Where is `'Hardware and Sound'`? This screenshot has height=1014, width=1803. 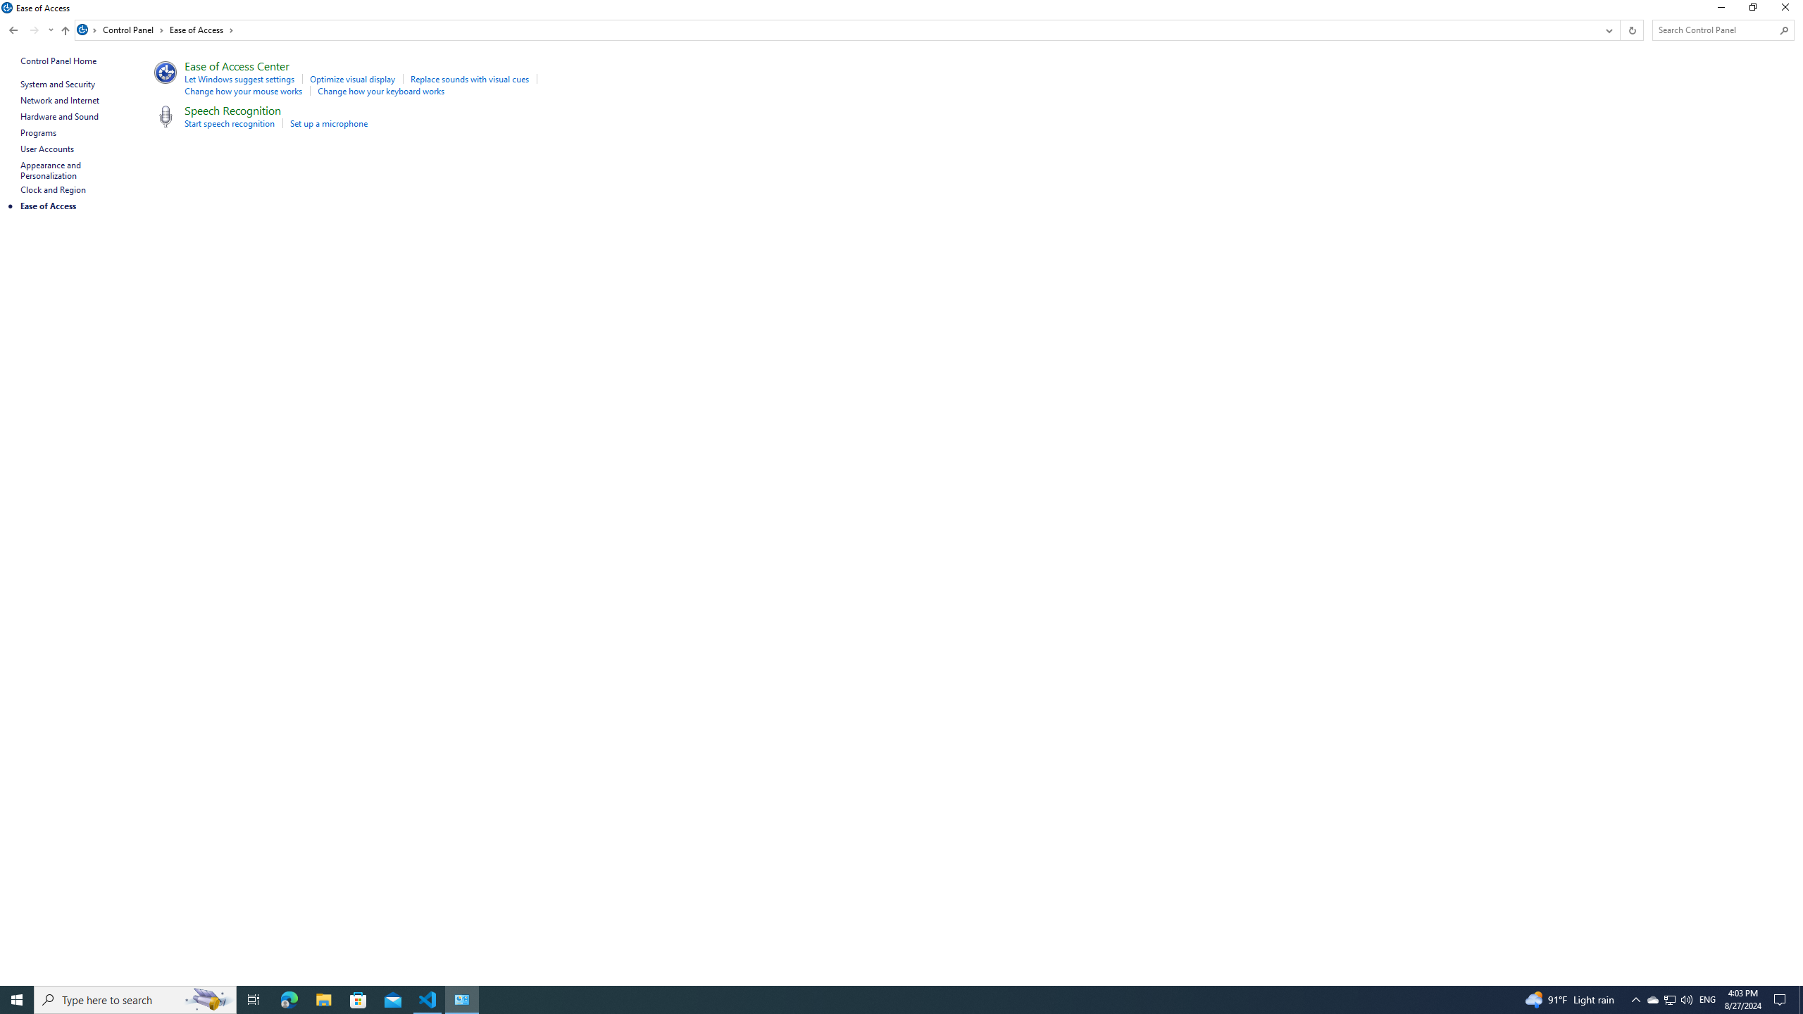
'Hardware and Sound' is located at coordinates (58, 115).